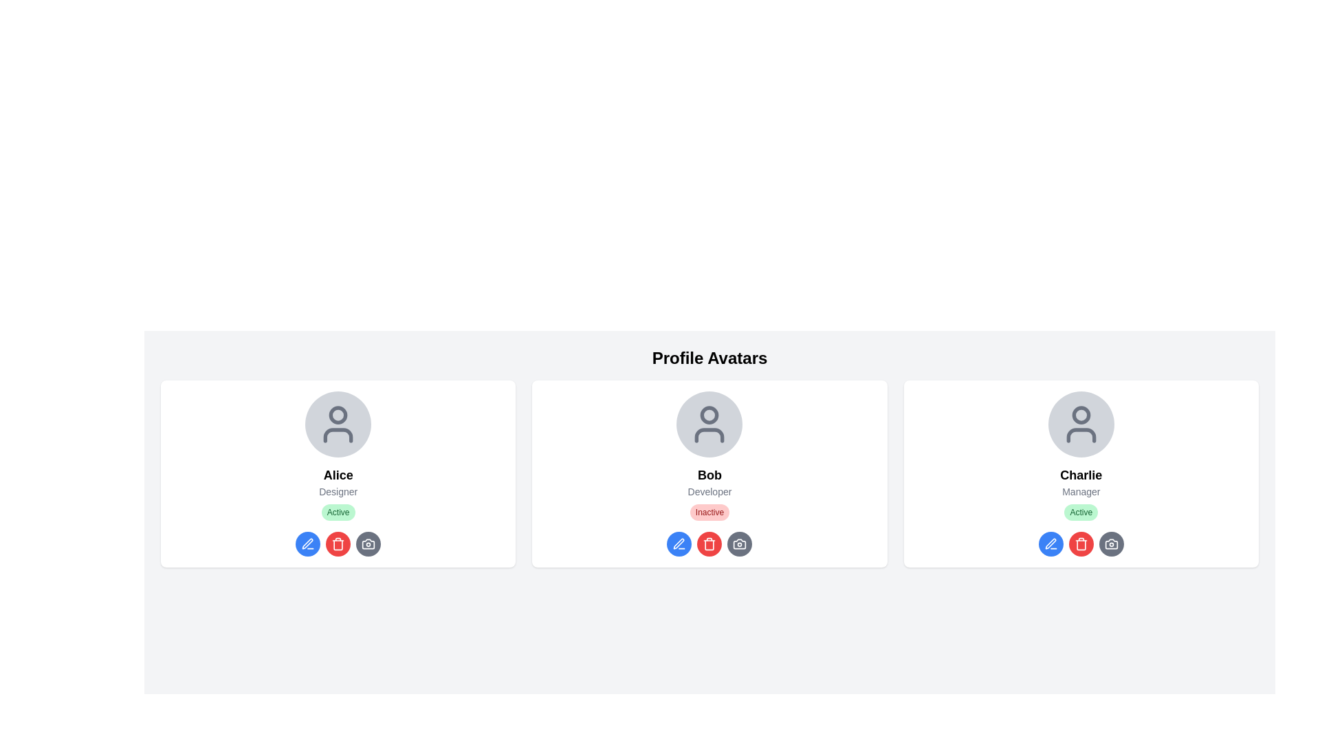 Image resolution: width=1320 pixels, height=743 pixels. What do you see at coordinates (1080, 474) in the screenshot?
I see `name 'Charlie' displayed in bold text within the user profile card, located below the avatar and above the role description and status label` at bounding box center [1080, 474].